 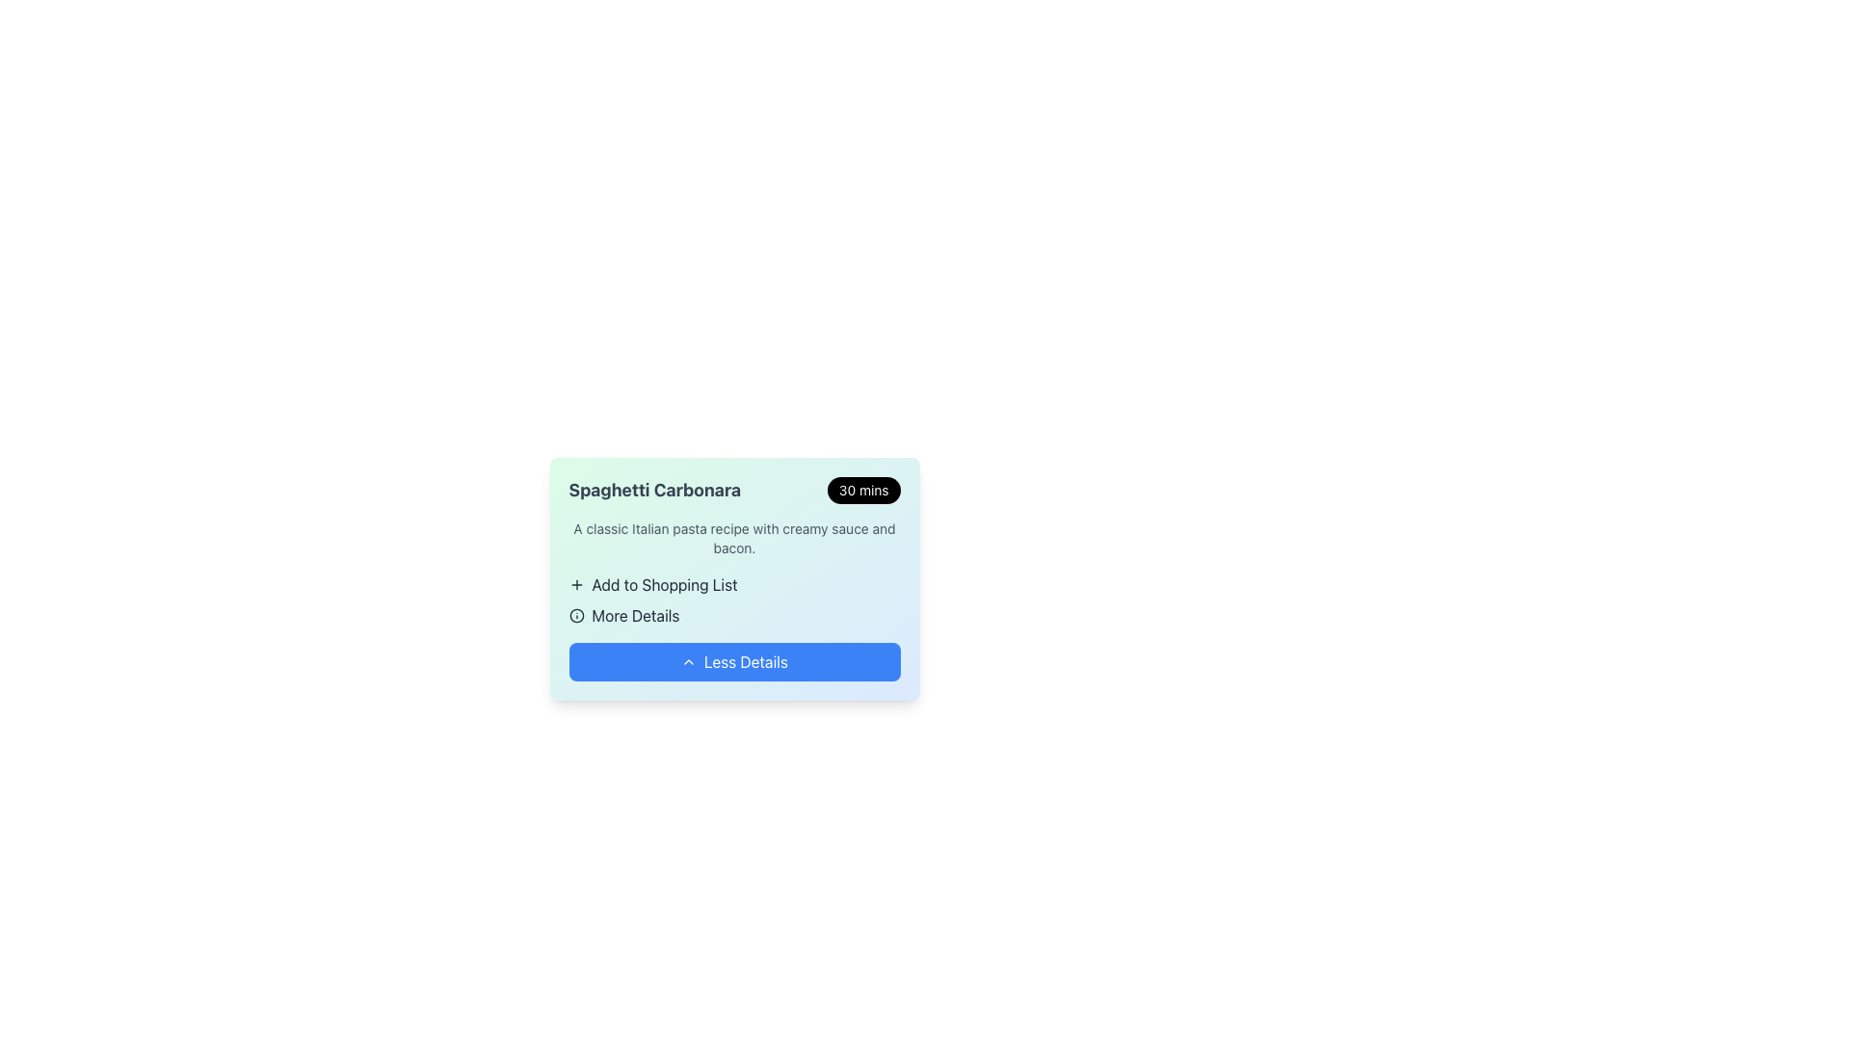 I want to click on the 'Add to Shopping List' button, which features a 'plus' icon, so click(x=733, y=600).